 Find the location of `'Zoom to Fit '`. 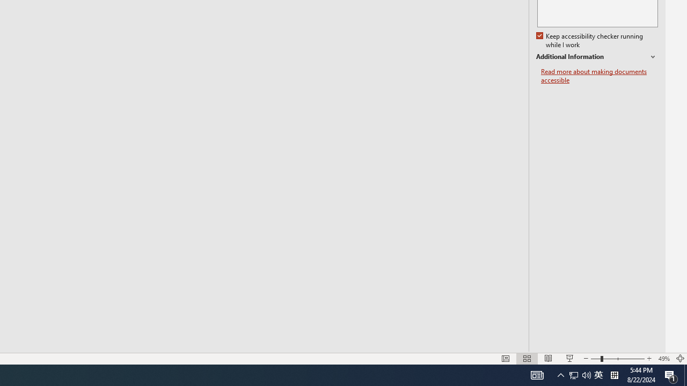

'Zoom to Fit ' is located at coordinates (679, 359).